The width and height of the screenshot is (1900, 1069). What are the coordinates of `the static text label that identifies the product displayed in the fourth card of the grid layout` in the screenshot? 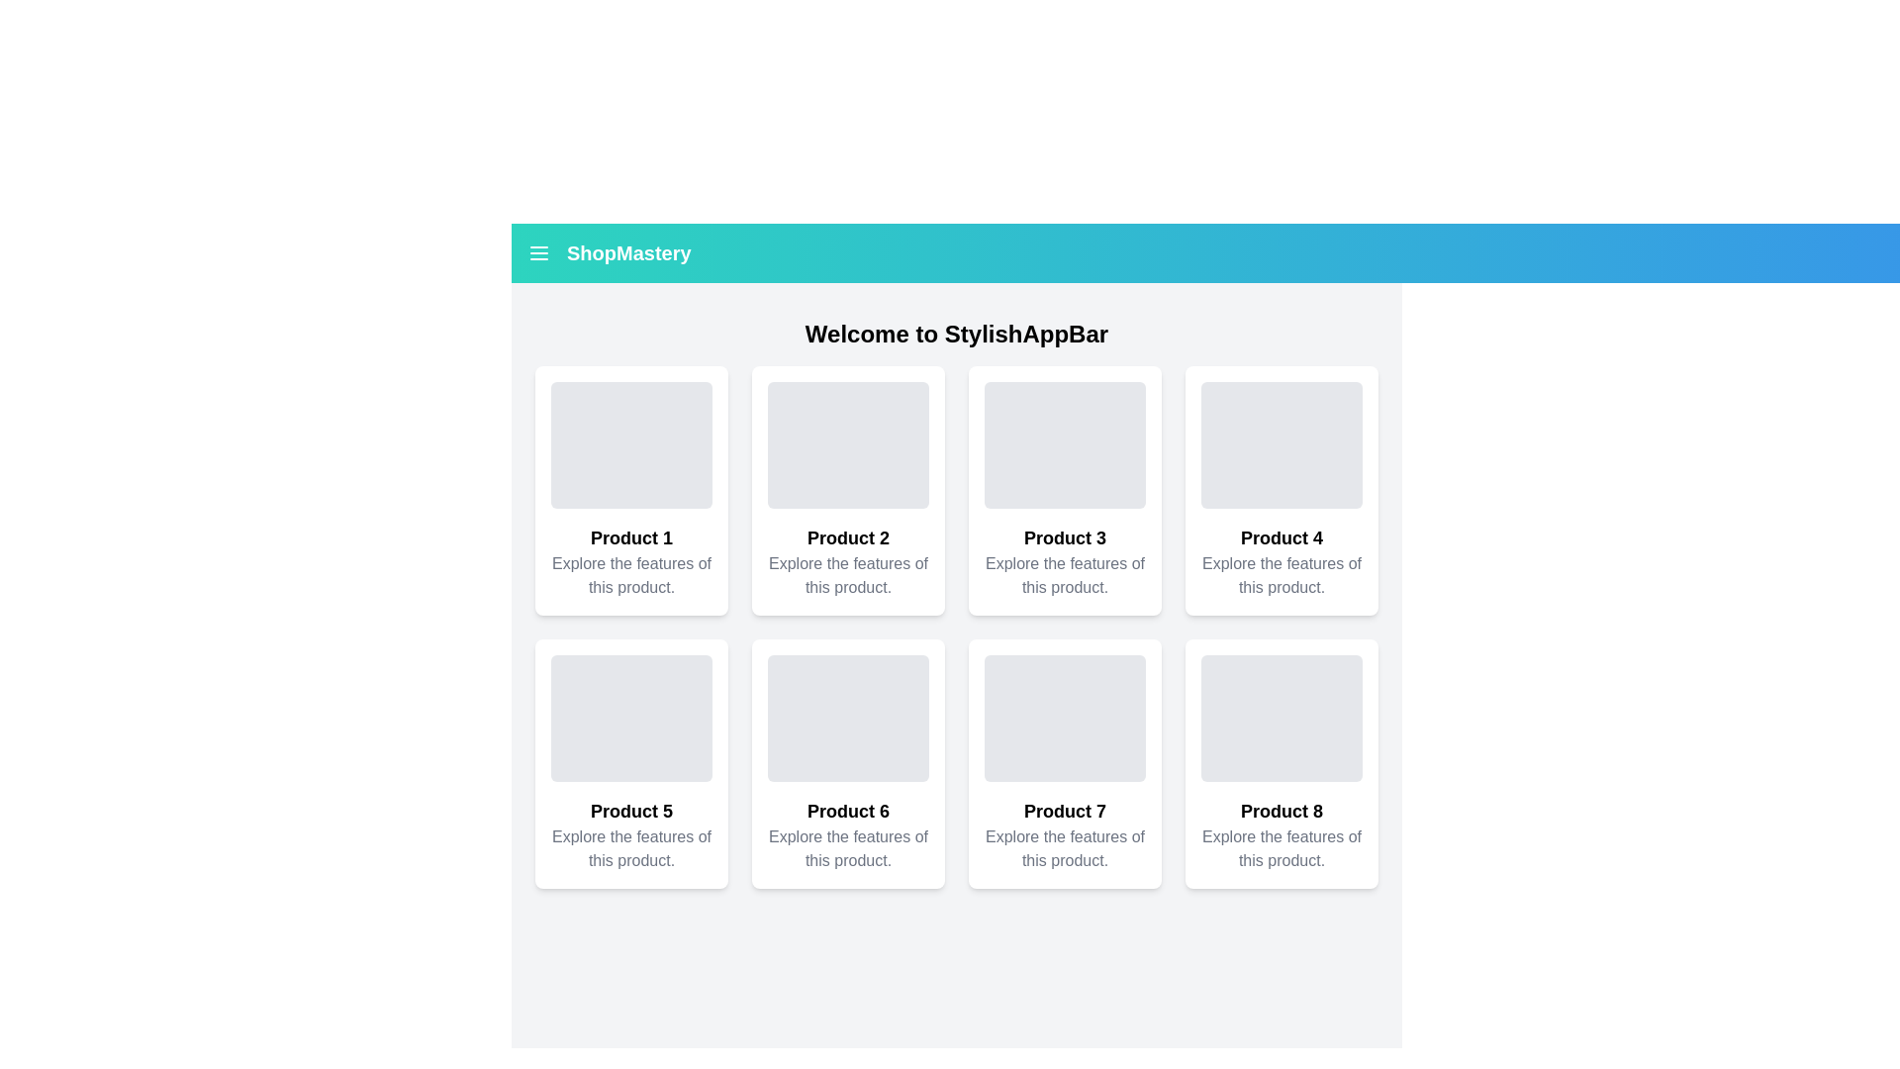 It's located at (1282, 537).